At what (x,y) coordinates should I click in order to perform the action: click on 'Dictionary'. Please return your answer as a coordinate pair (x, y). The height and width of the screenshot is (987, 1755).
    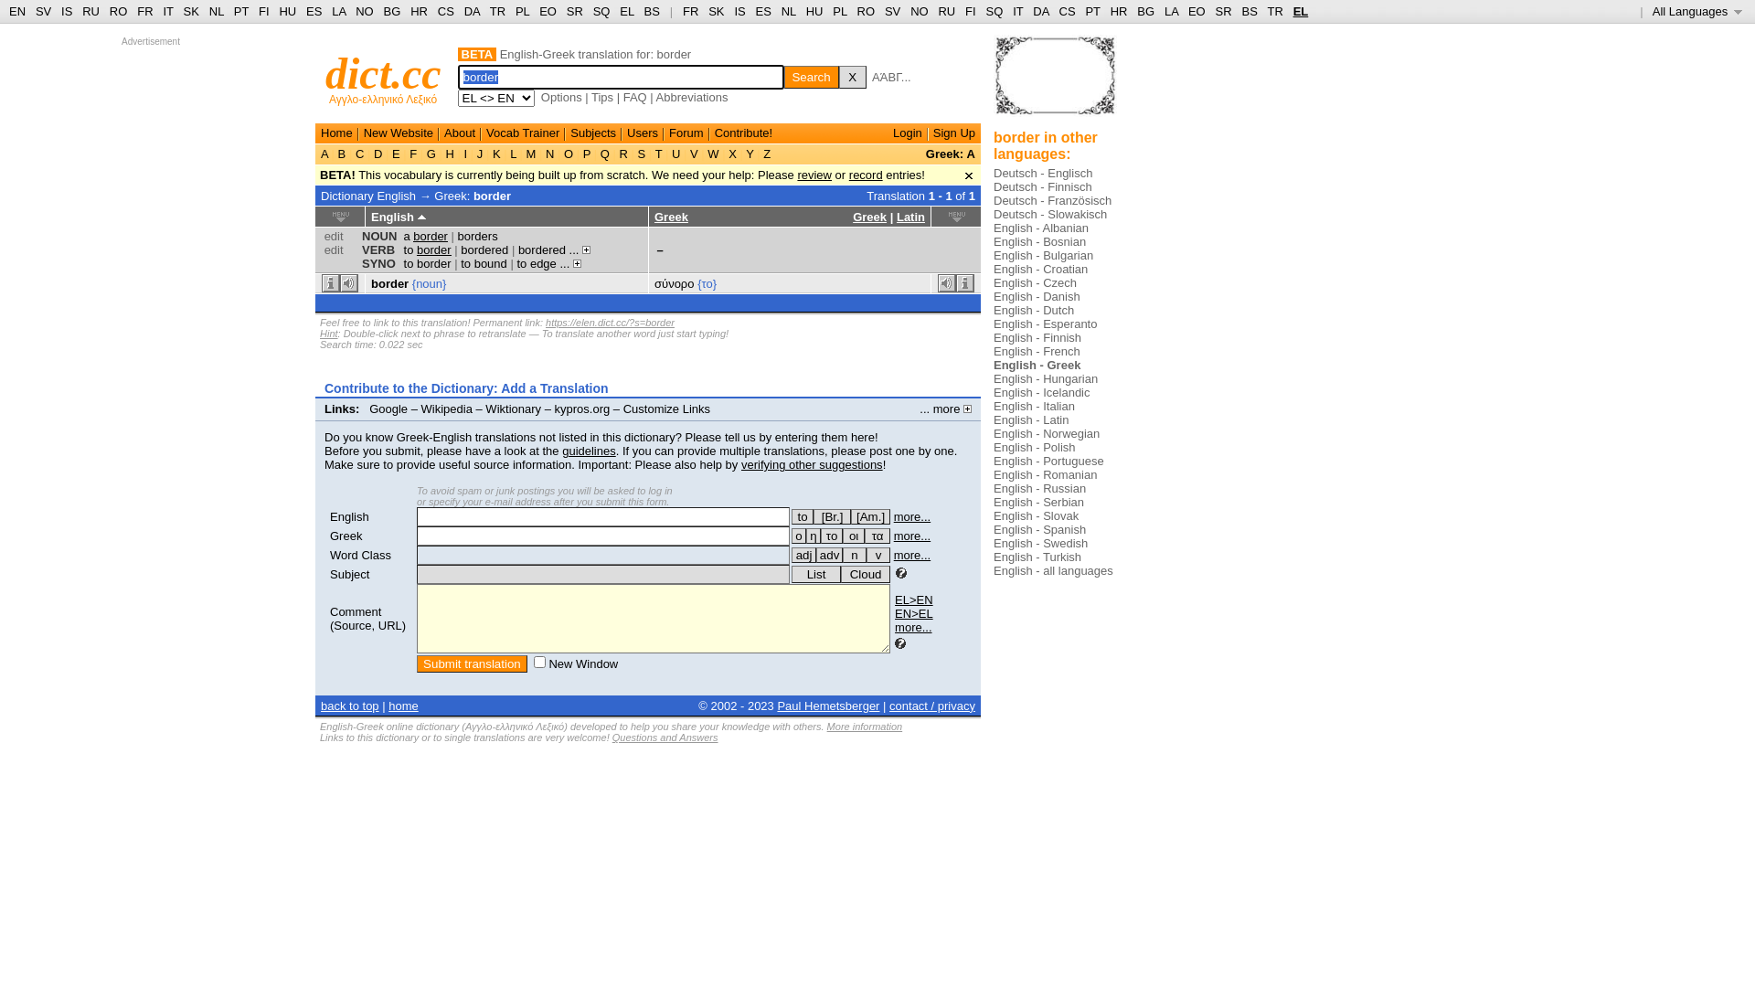
    Looking at the image, I should click on (346, 195).